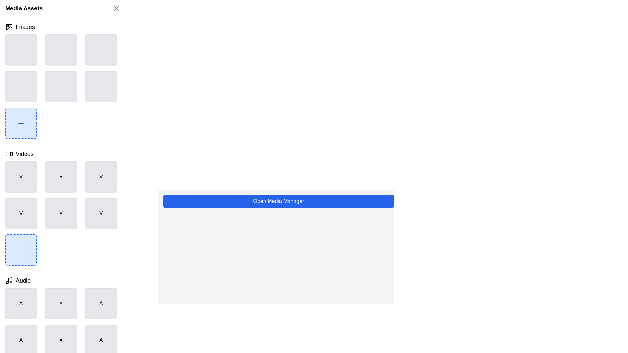  I want to click on the second item in the topmost row of the media selection grid under the 'Audio' category, so click(61, 304).